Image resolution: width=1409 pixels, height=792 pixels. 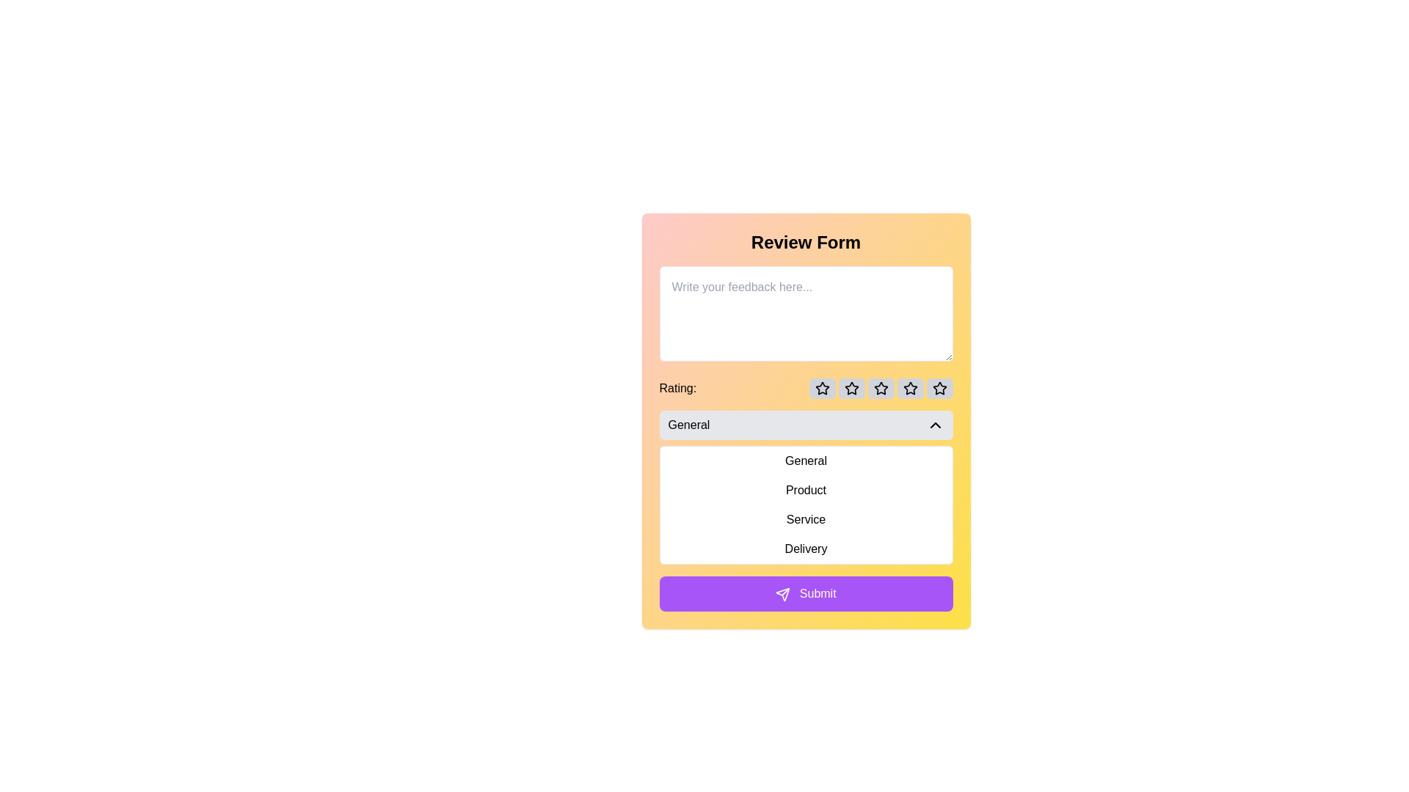 What do you see at coordinates (805, 490) in the screenshot?
I see `the 'Product' option in the dropdown menu to change its appearance` at bounding box center [805, 490].